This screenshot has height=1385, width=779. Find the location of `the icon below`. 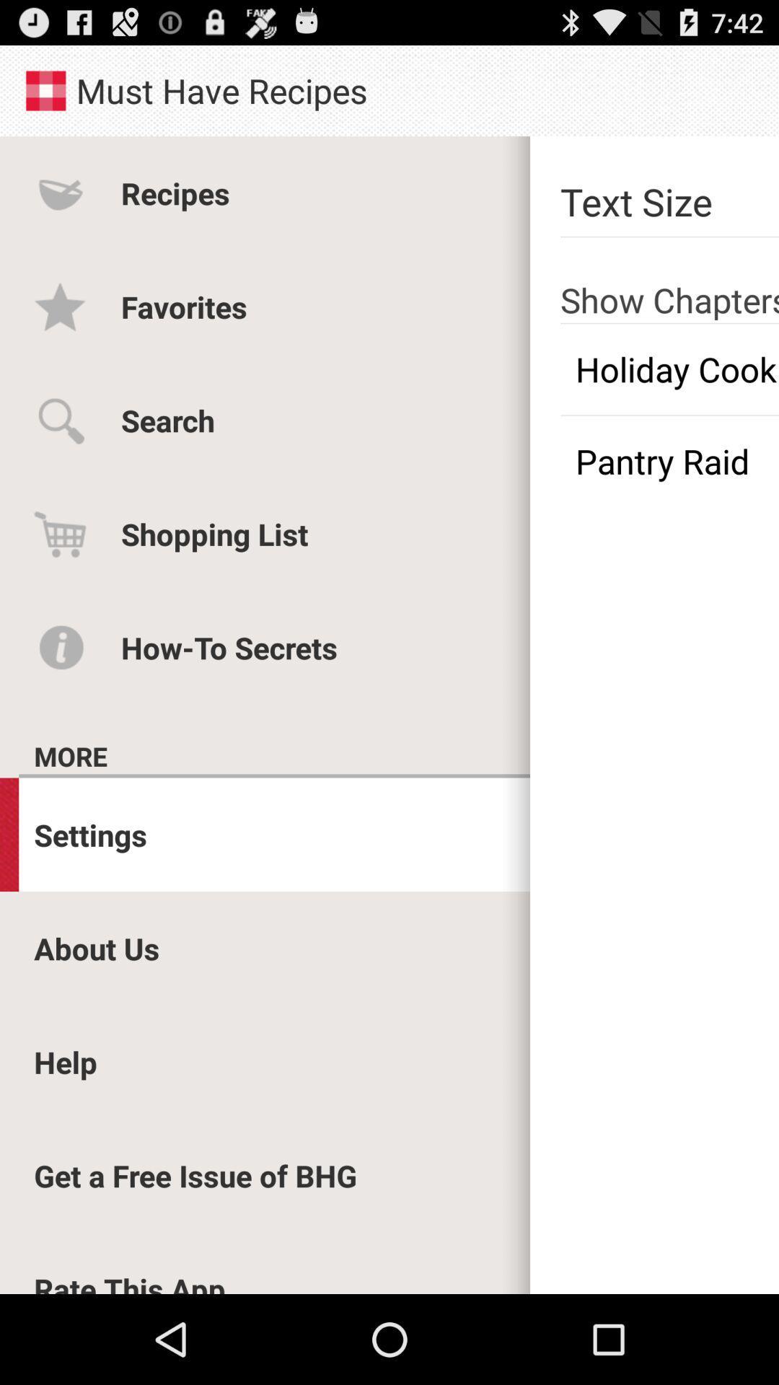

the icon below is located at coordinates (669, 369).